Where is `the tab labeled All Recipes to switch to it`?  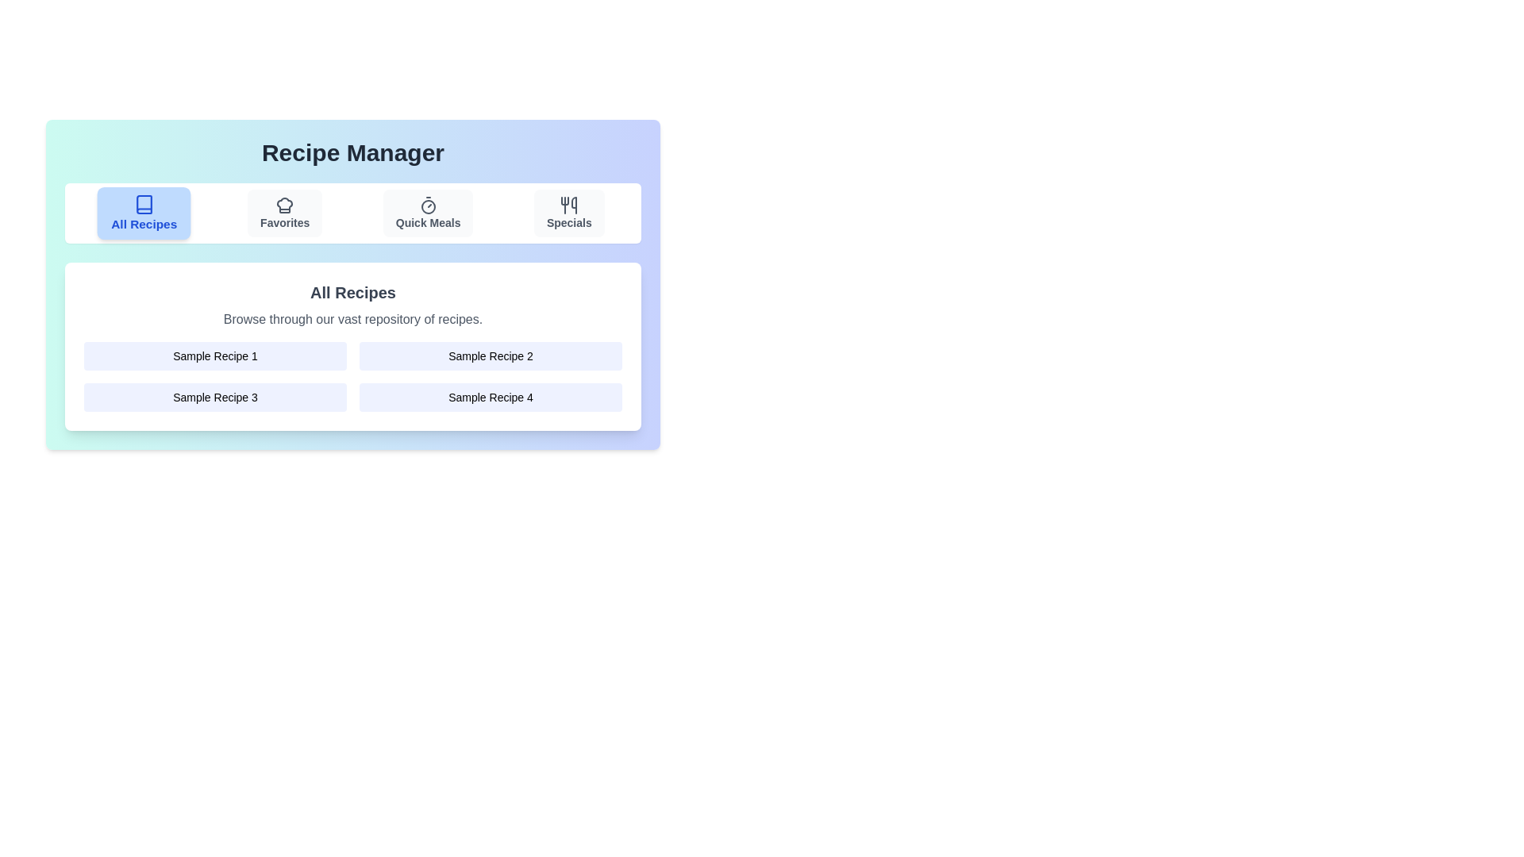 the tab labeled All Recipes to switch to it is located at coordinates (144, 213).